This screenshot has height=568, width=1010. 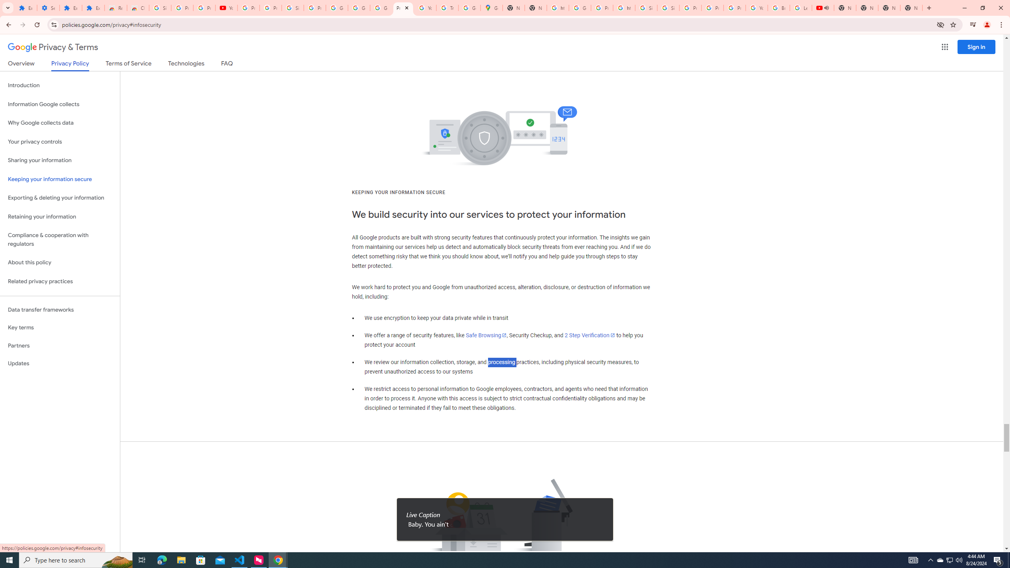 I want to click on 'YouTube', so click(x=426, y=7).